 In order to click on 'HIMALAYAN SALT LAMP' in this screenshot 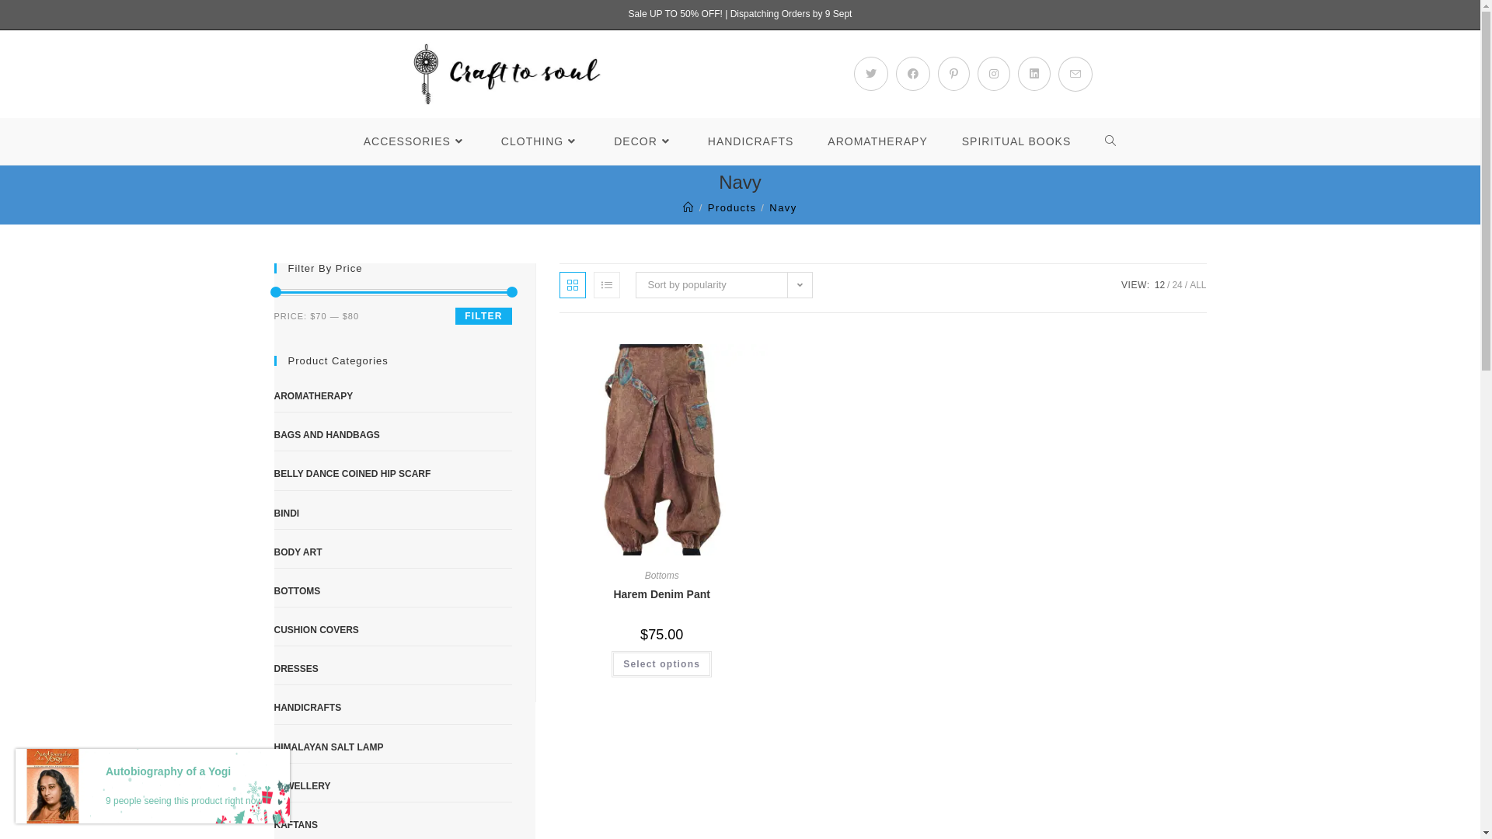, I will do `click(392, 747)`.